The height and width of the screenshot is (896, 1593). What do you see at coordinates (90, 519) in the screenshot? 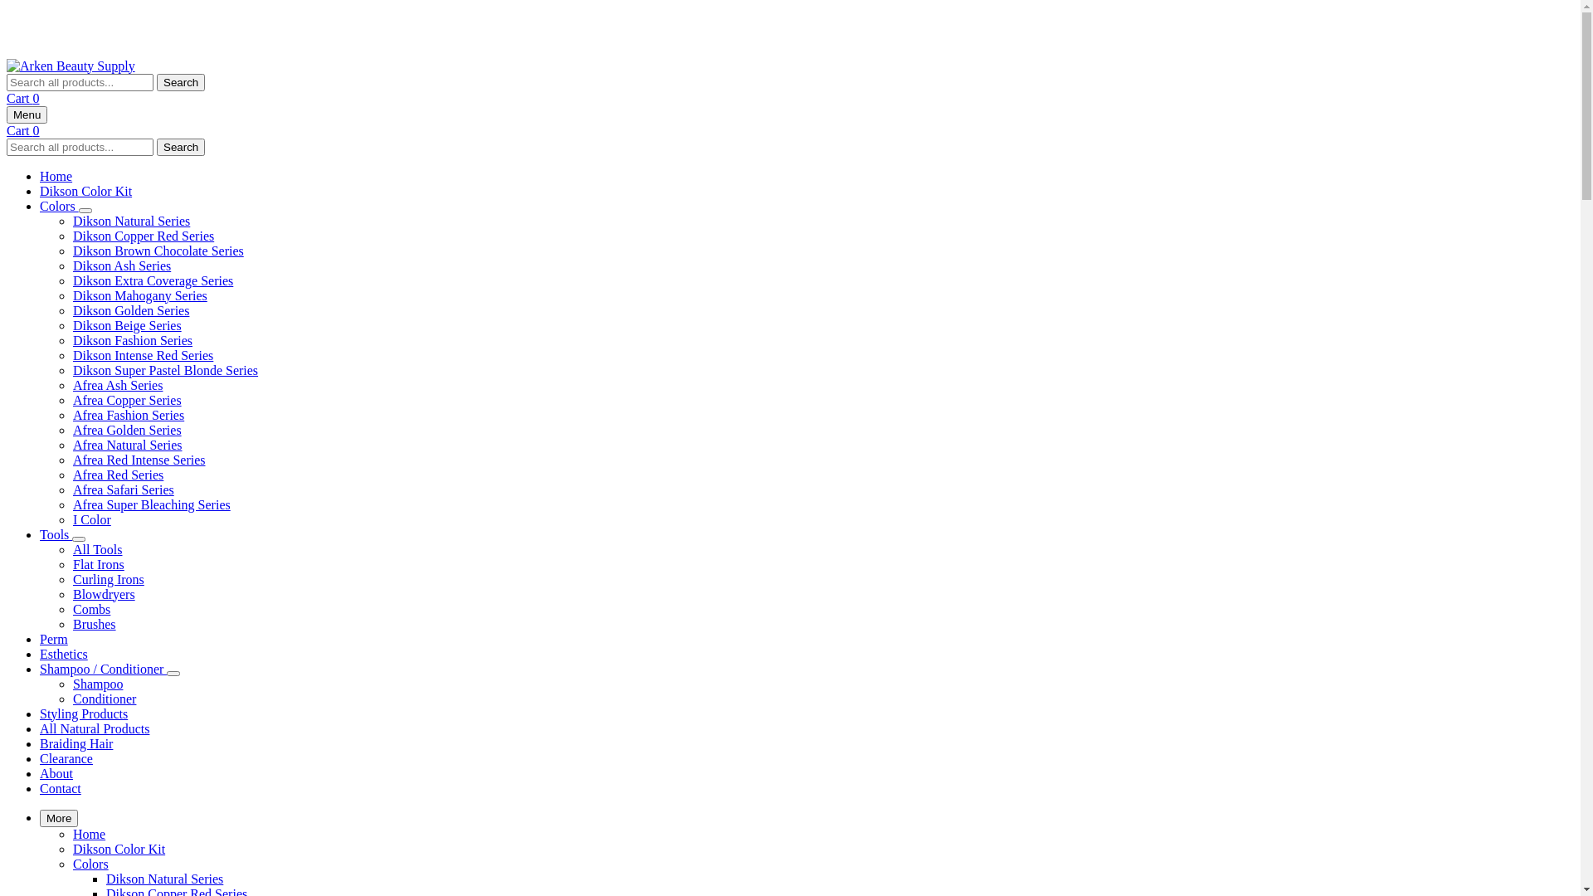
I see `'I Color'` at bounding box center [90, 519].